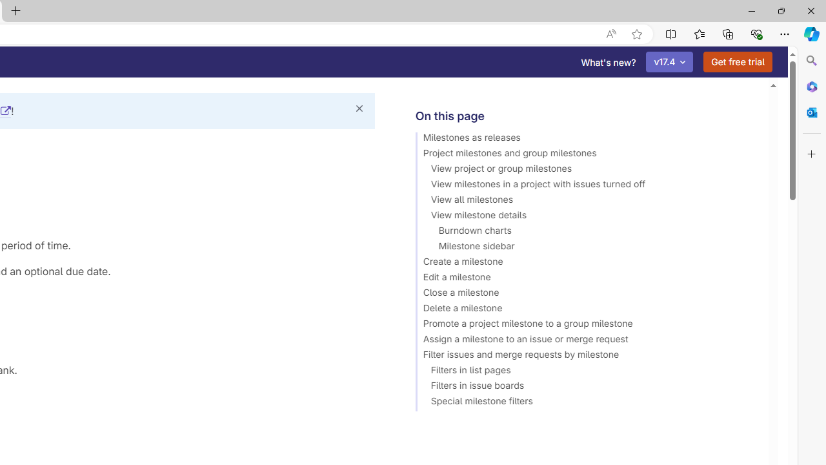  What do you see at coordinates (585, 201) in the screenshot?
I see `'View all milestones'` at bounding box center [585, 201].